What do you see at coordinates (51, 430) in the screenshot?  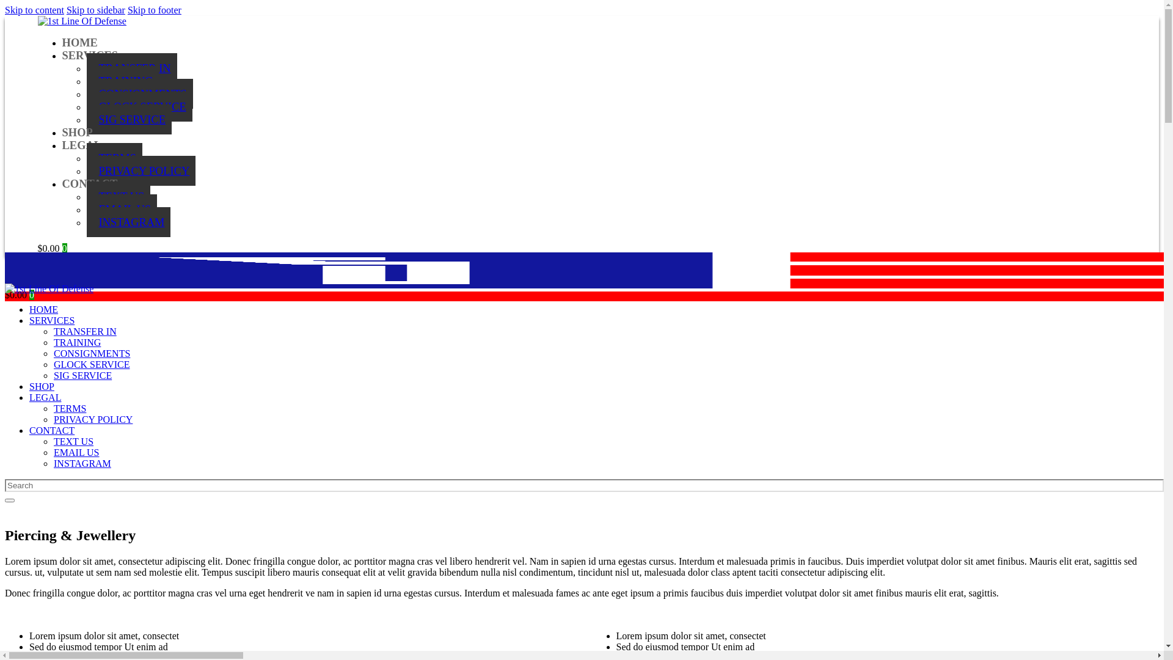 I see `'CONTACT'` at bounding box center [51, 430].